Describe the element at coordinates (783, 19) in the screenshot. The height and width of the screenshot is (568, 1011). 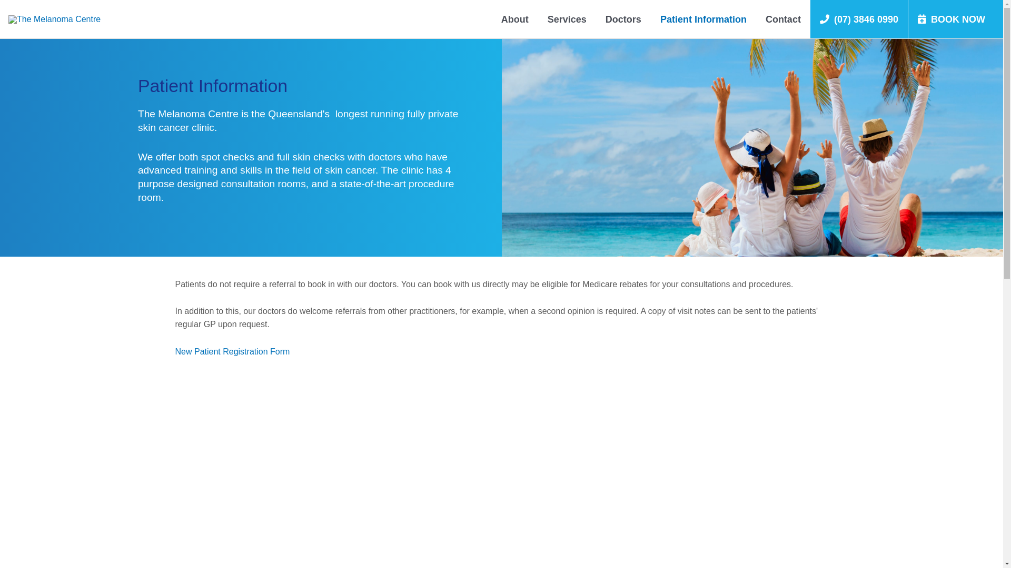
I see `'Contact'` at that location.